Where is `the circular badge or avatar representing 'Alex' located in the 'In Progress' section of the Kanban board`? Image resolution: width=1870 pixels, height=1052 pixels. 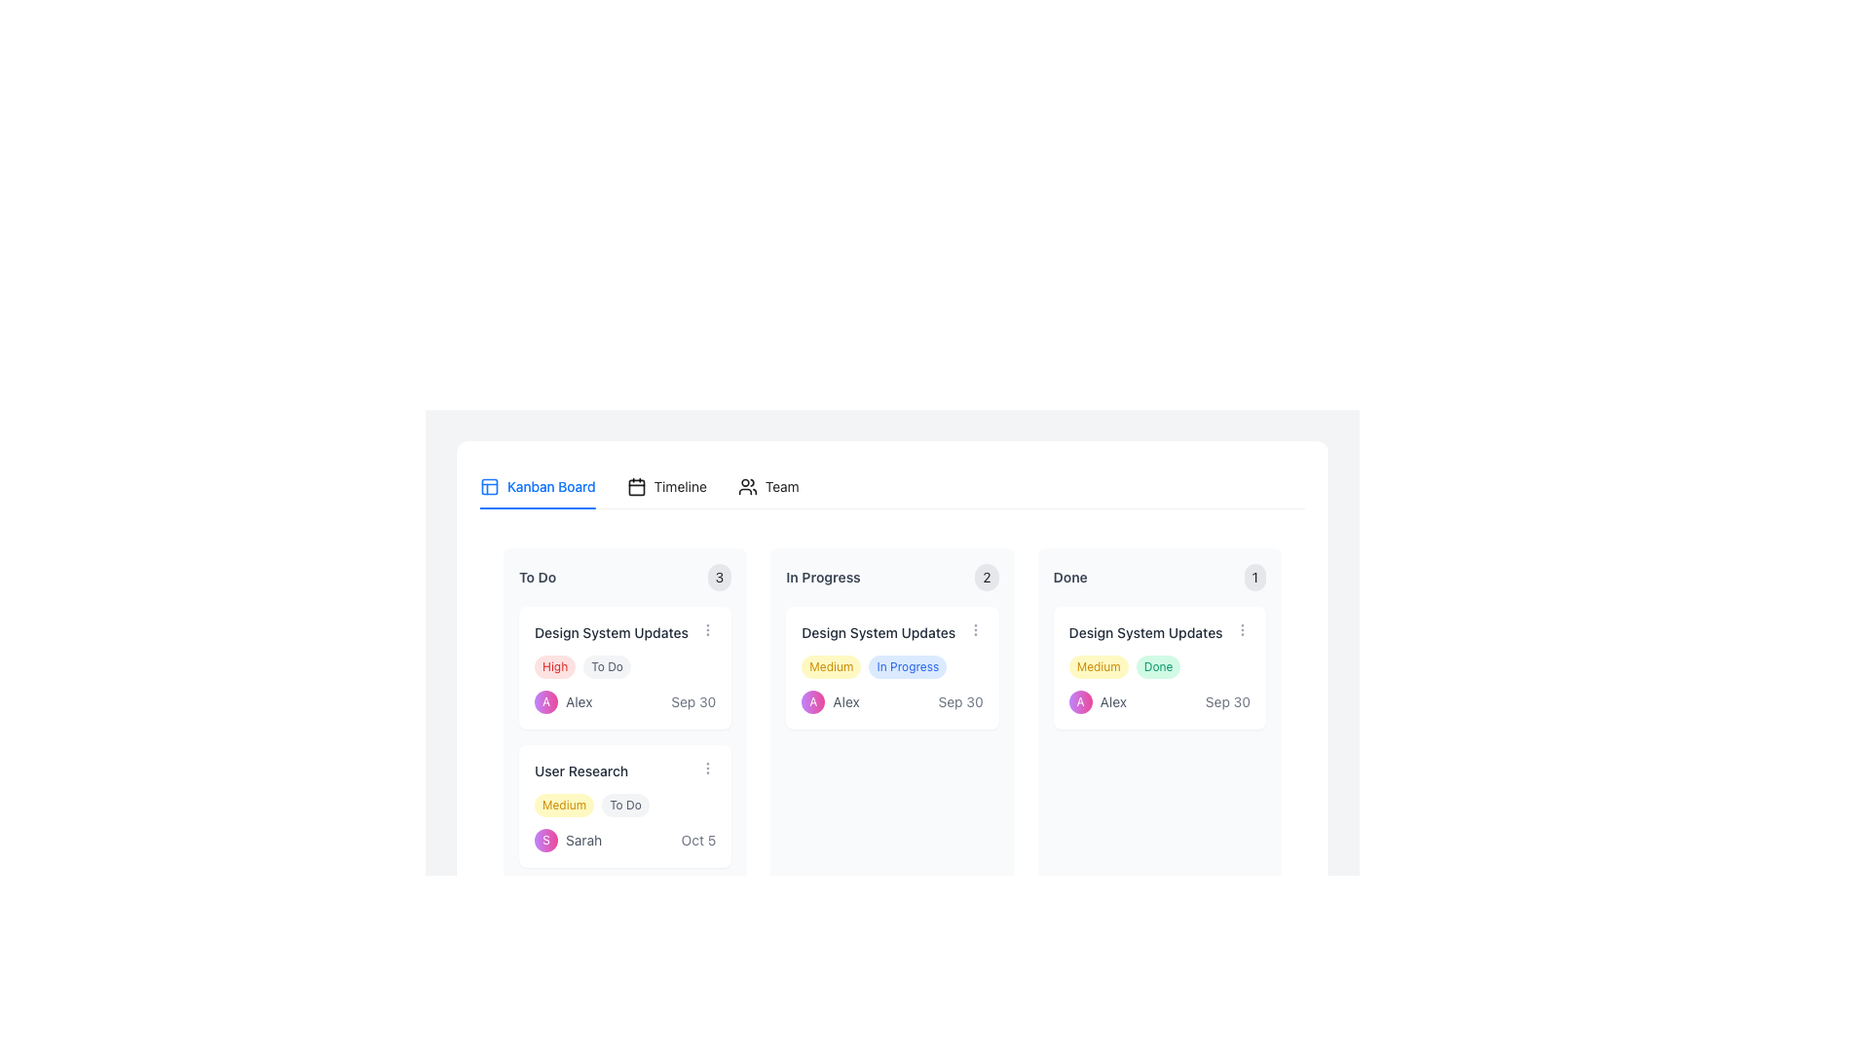 the circular badge or avatar representing 'Alex' located in the 'In Progress' section of the Kanban board is located at coordinates (813, 702).